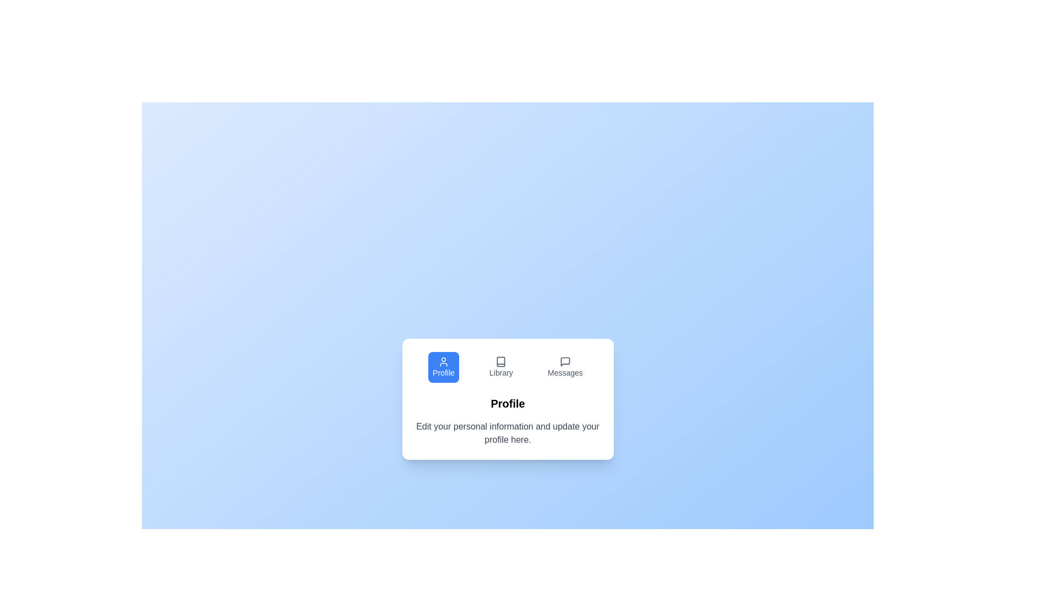 This screenshot has width=1057, height=594. Describe the element at coordinates (565, 367) in the screenshot. I see `the tab labeled Messages to inspect its icon` at that location.